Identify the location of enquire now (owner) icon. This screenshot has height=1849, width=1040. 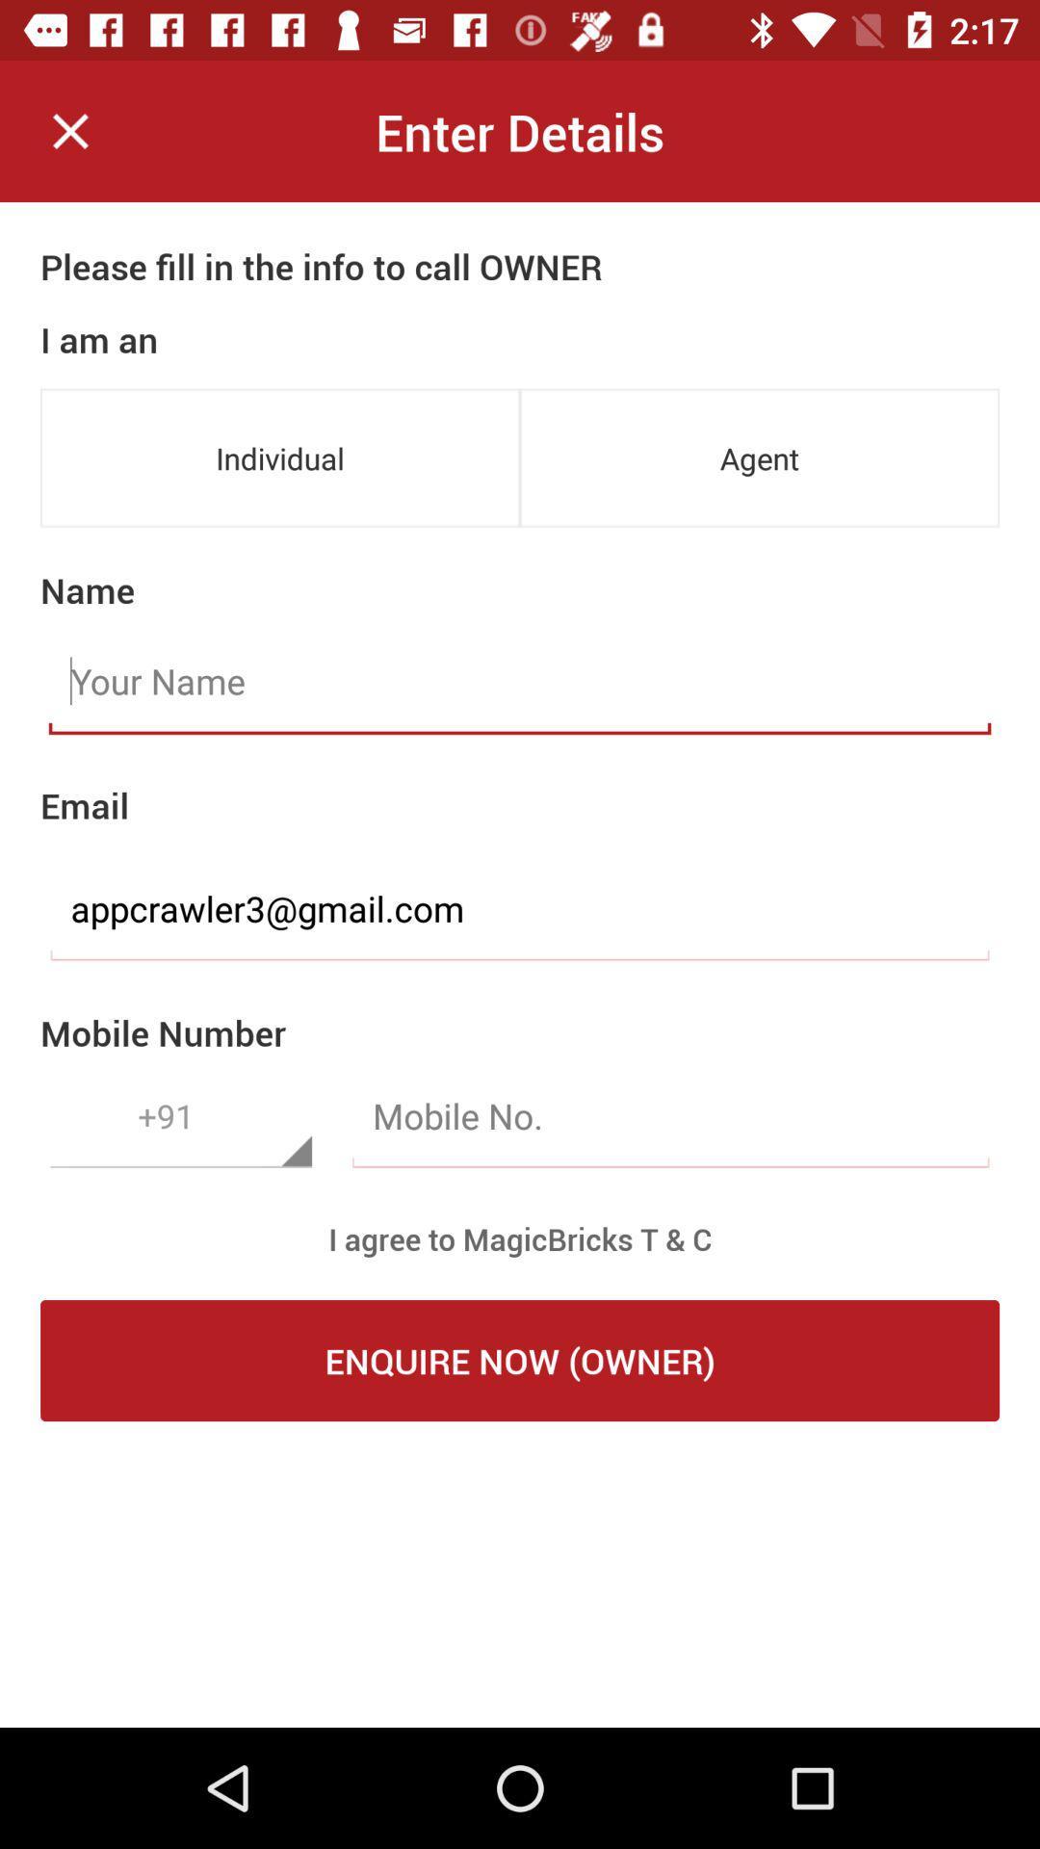
(520, 1359).